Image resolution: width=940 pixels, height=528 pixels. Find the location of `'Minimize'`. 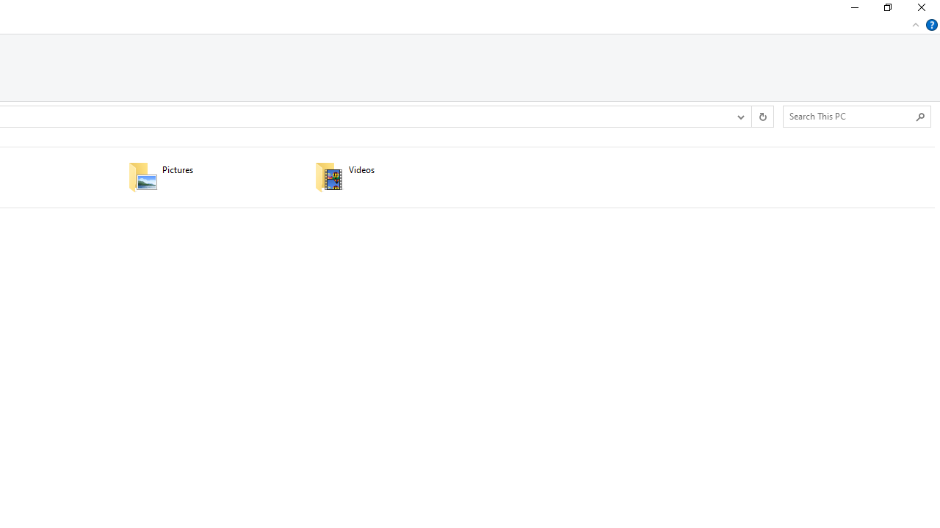

'Minimize' is located at coordinates (853, 11).